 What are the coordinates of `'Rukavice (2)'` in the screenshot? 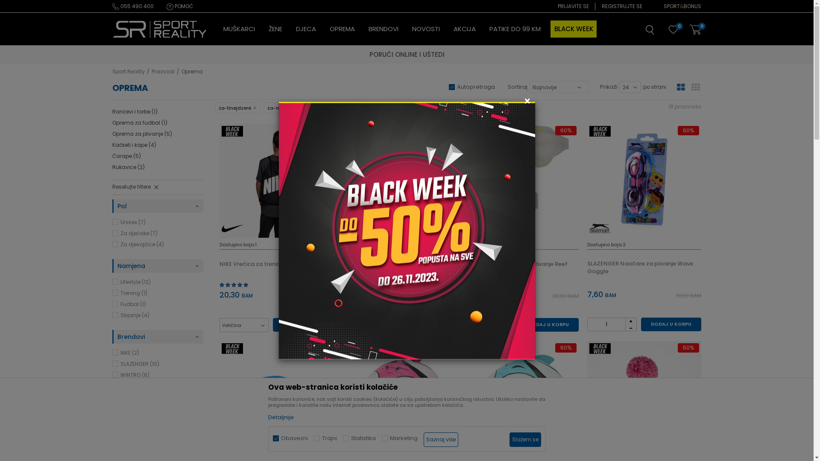 It's located at (127, 167).